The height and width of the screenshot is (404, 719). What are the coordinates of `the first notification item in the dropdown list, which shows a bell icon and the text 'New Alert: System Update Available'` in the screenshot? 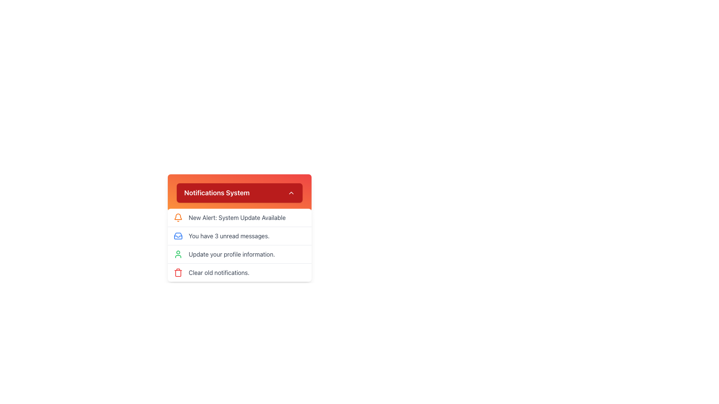 It's located at (239, 218).